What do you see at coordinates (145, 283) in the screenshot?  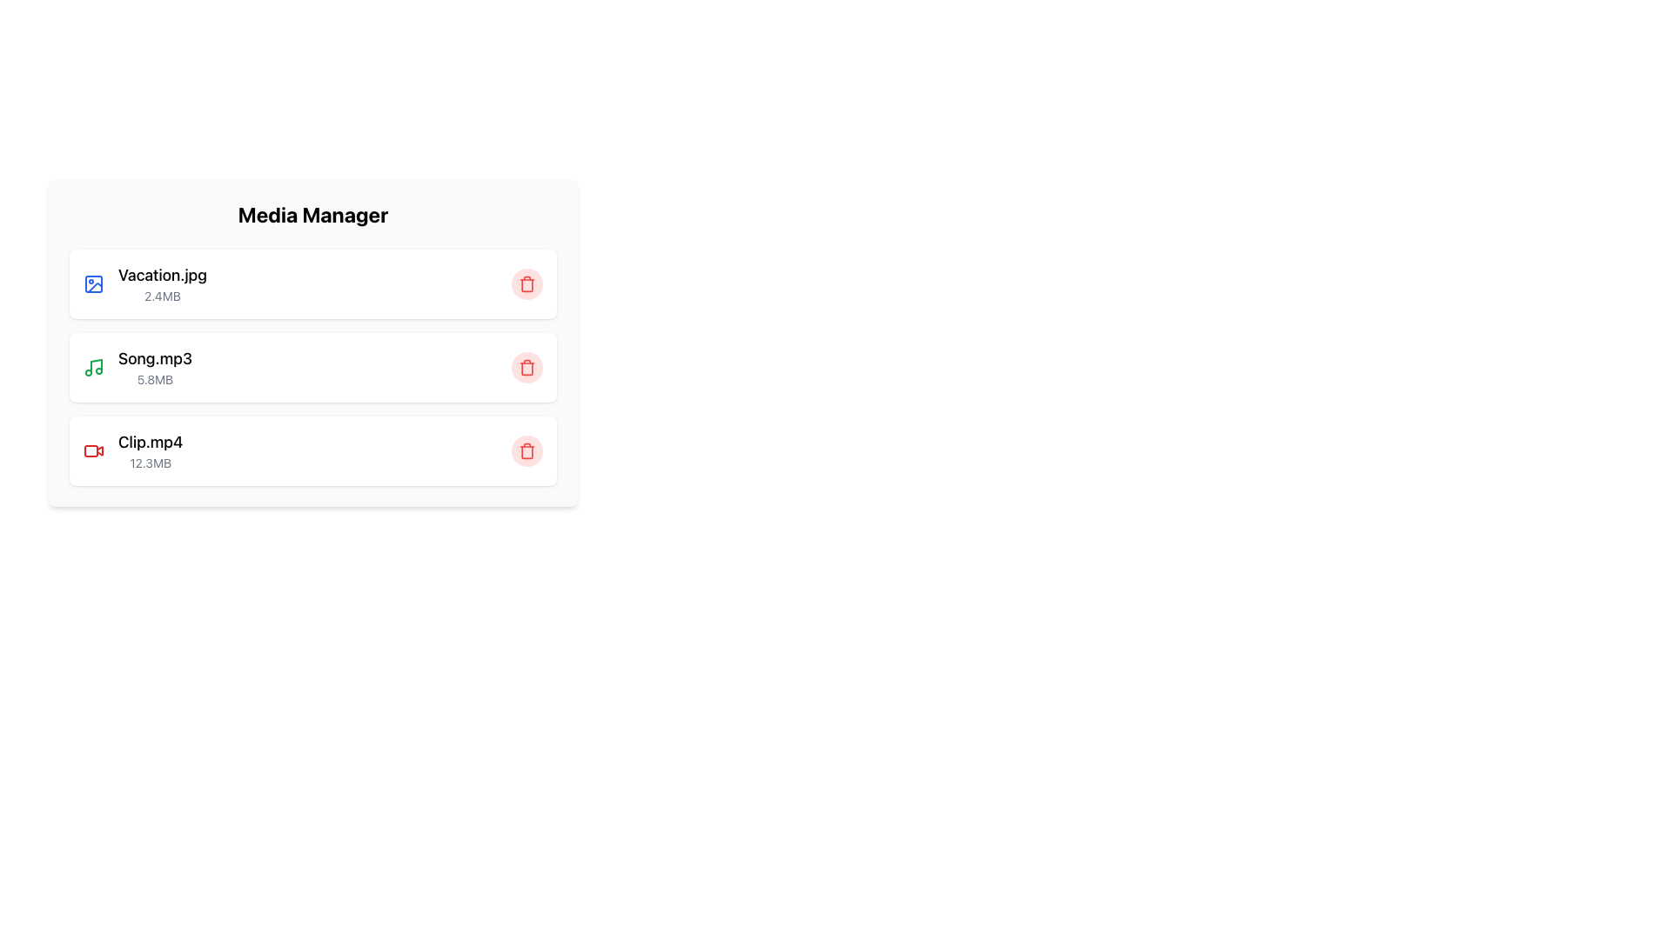 I see `to select the list item representing the image file 'Vacation.jpg' in the 'Media Manager' section` at bounding box center [145, 283].